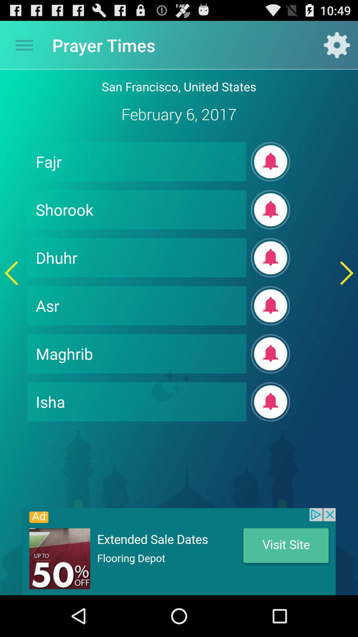 The height and width of the screenshot is (637, 358). I want to click on alarm, so click(270, 209).